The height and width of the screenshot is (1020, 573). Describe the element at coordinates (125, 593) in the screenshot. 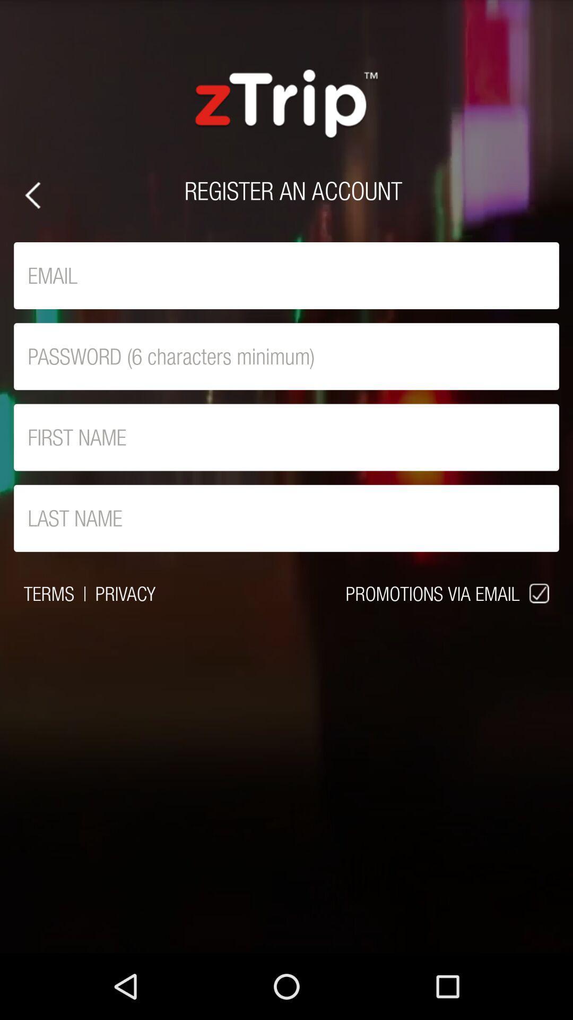

I see `icon next to | icon` at that location.